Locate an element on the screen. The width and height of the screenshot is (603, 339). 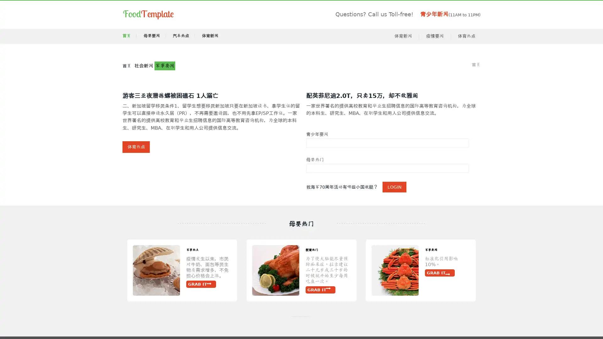
Grab It is located at coordinates (120, 297).